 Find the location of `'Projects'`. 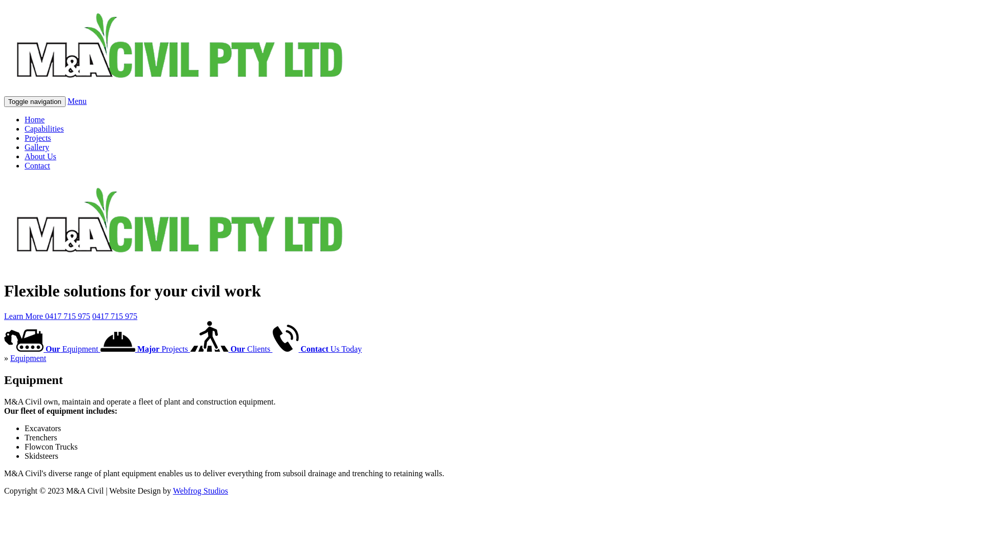

'Projects' is located at coordinates (37, 137).